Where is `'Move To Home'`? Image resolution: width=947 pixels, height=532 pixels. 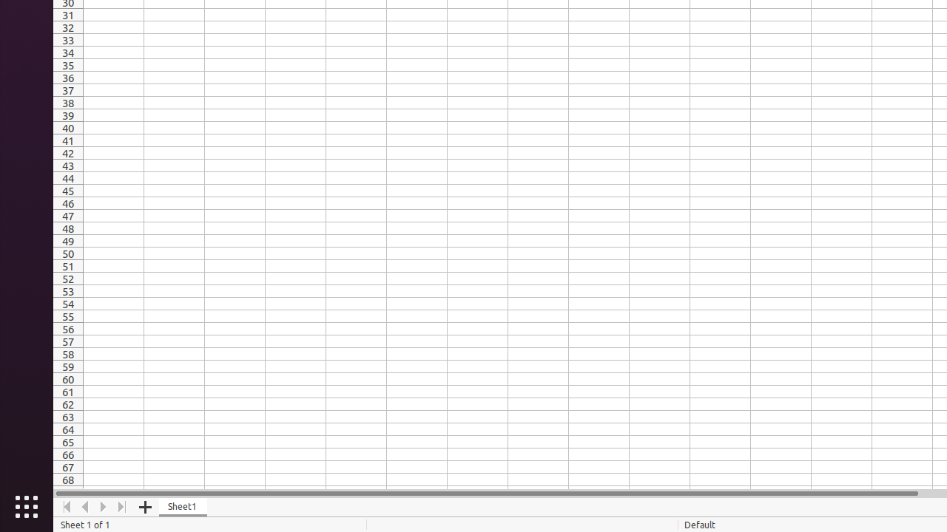 'Move To Home' is located at coordinates (66, 506).